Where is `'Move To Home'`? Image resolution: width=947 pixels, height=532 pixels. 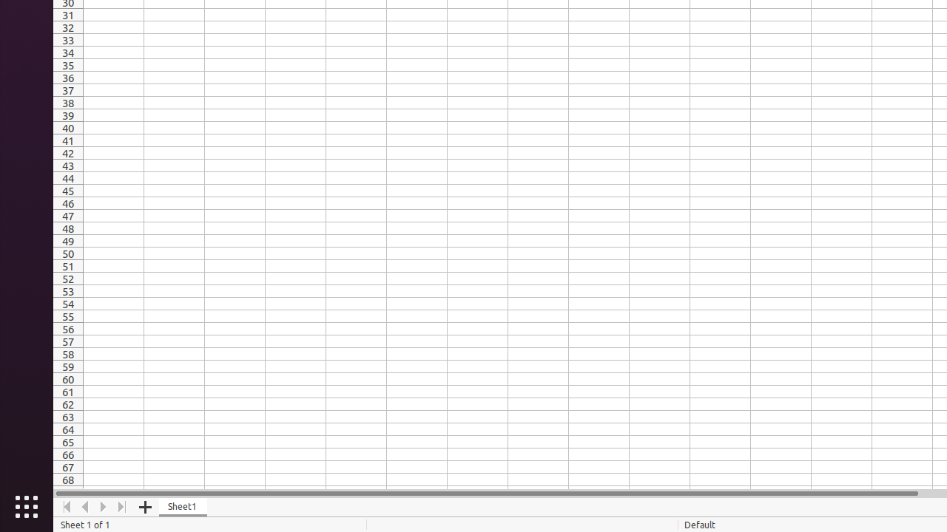 'Move To Home' is located at coordinates (66, 506).